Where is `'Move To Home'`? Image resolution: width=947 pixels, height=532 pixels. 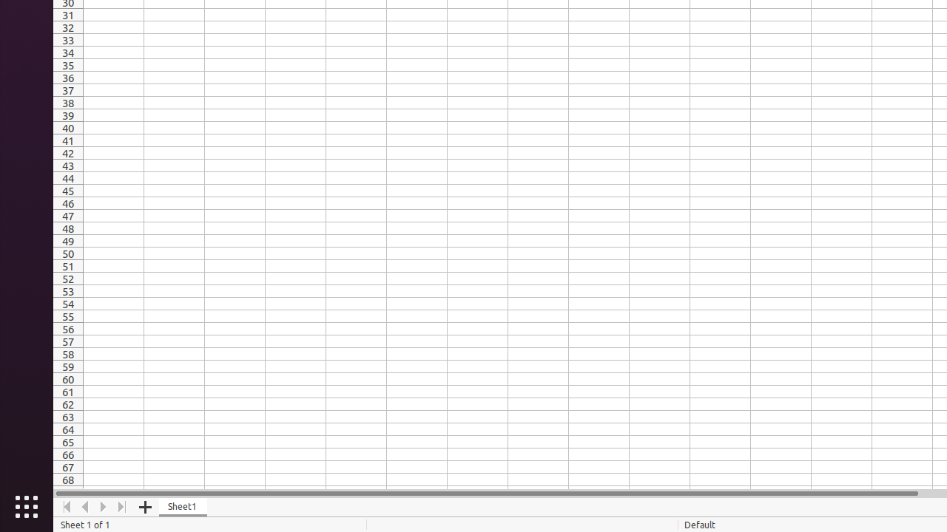 'Move To Home' is located at coordinates (66, 506).